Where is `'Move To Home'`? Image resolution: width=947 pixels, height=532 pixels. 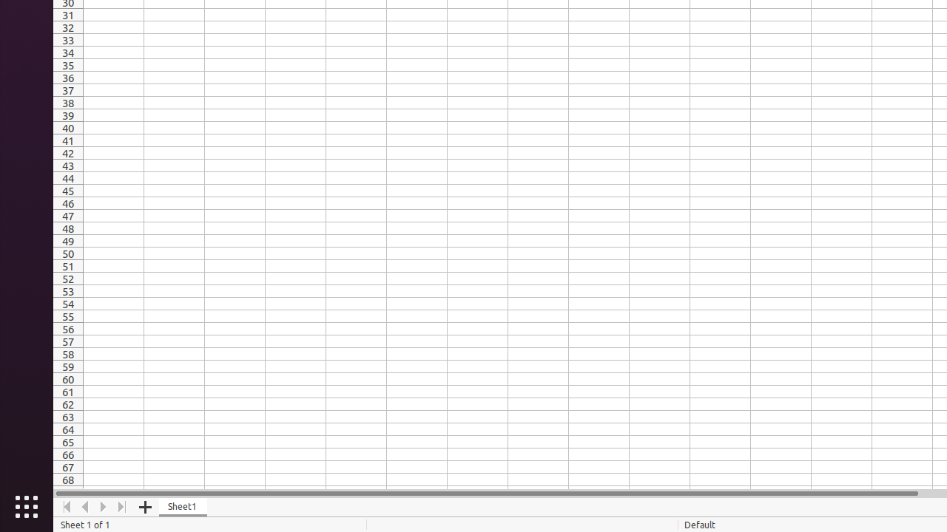 'Move To Home' is located at coordinates (66, 506).